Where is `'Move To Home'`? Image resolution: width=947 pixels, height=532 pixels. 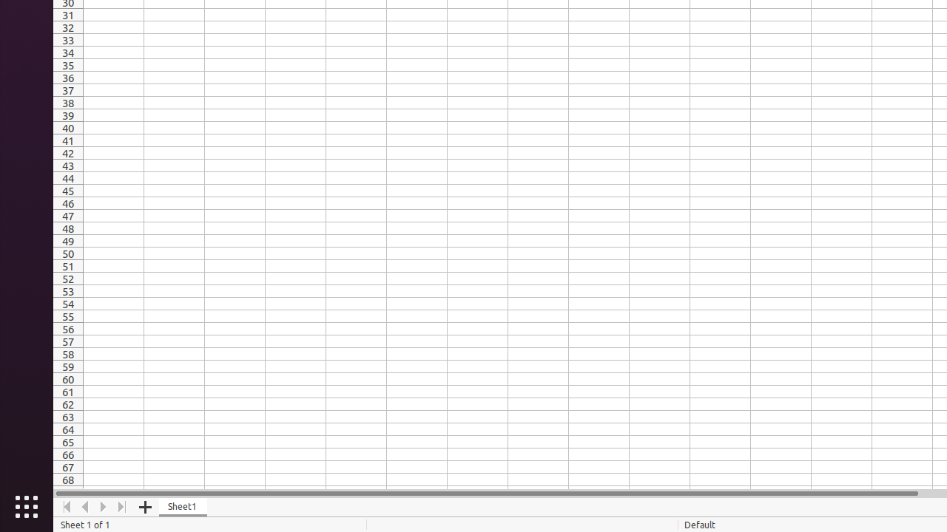 'Move To Home' is located at coordinates (66, 506).